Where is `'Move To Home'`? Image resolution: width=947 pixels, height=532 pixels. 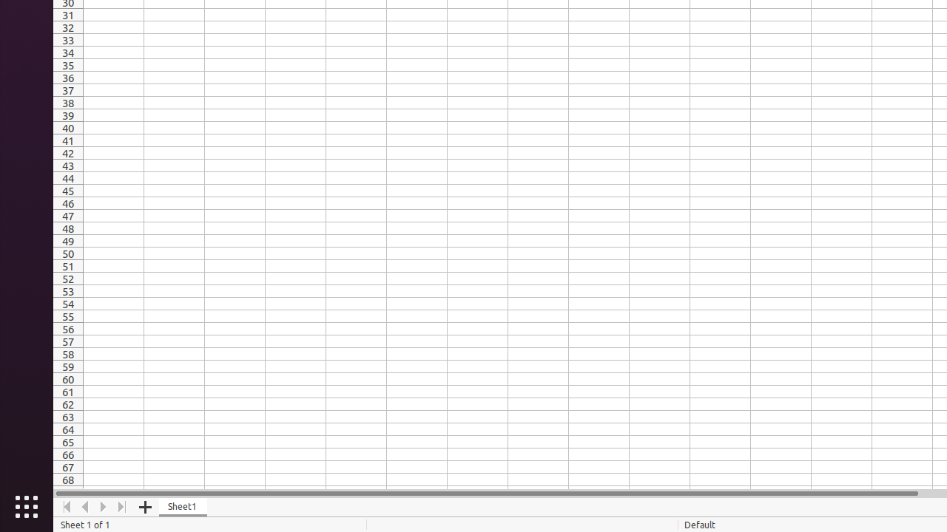 'Move To Home' is located at coordinates (66, 506).